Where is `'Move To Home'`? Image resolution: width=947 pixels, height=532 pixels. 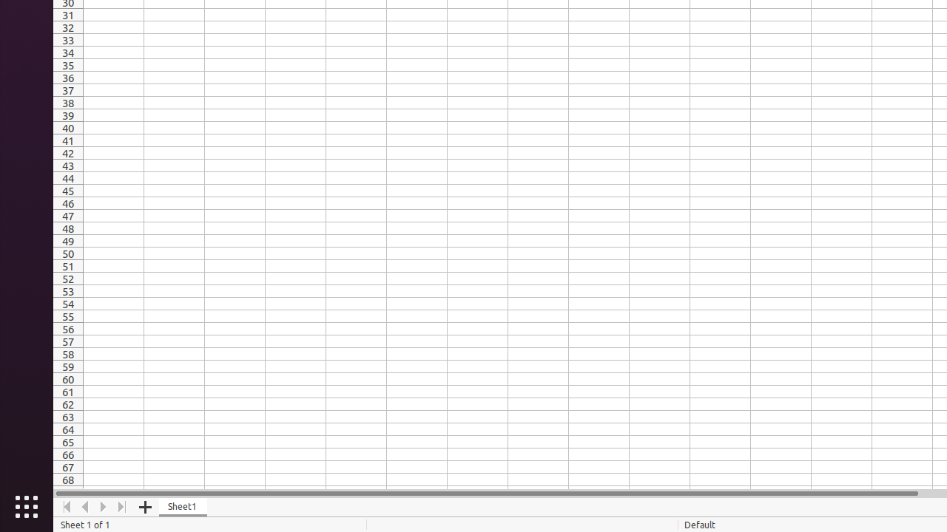 'Move To Home' is located at coordinates (66, 506).